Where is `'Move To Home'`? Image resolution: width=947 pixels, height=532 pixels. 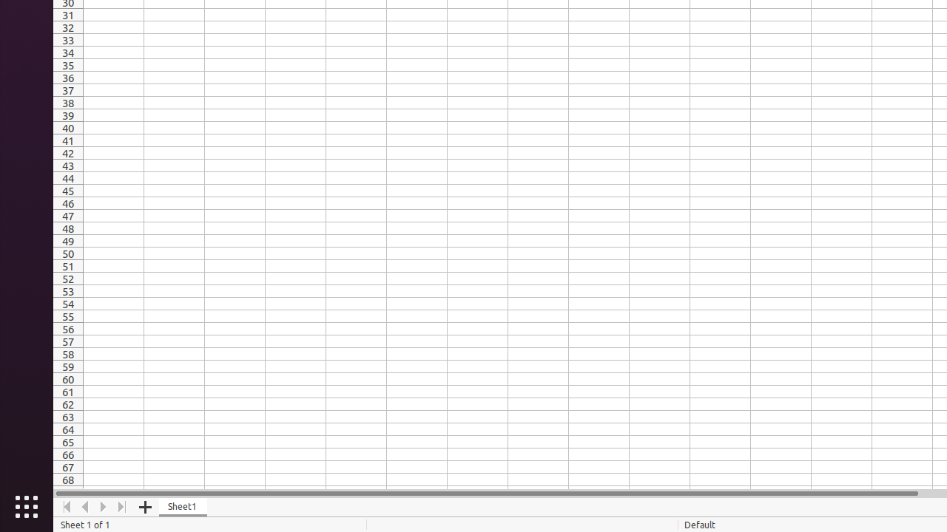 'Move To Home' is located at coordinates (66, 506).